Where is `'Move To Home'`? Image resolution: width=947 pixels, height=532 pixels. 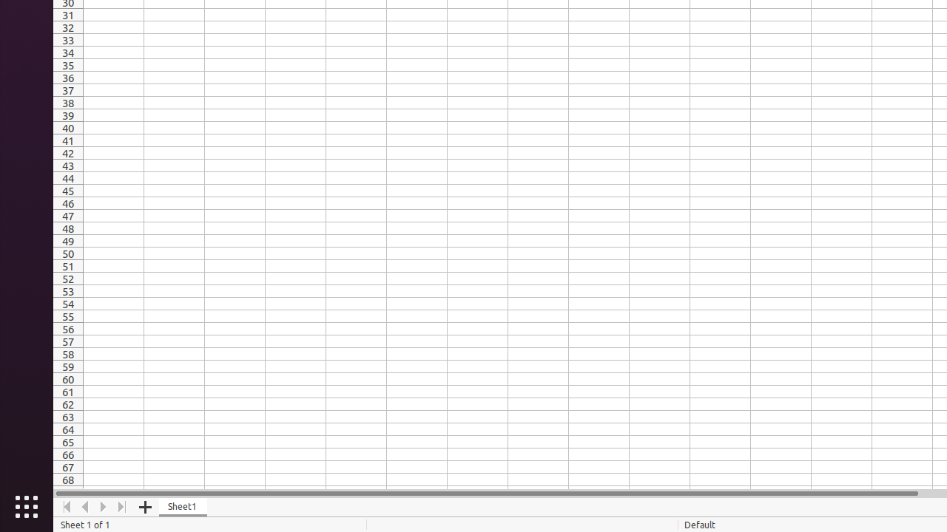 'Move To Home' is located at coordinates (66, 506).